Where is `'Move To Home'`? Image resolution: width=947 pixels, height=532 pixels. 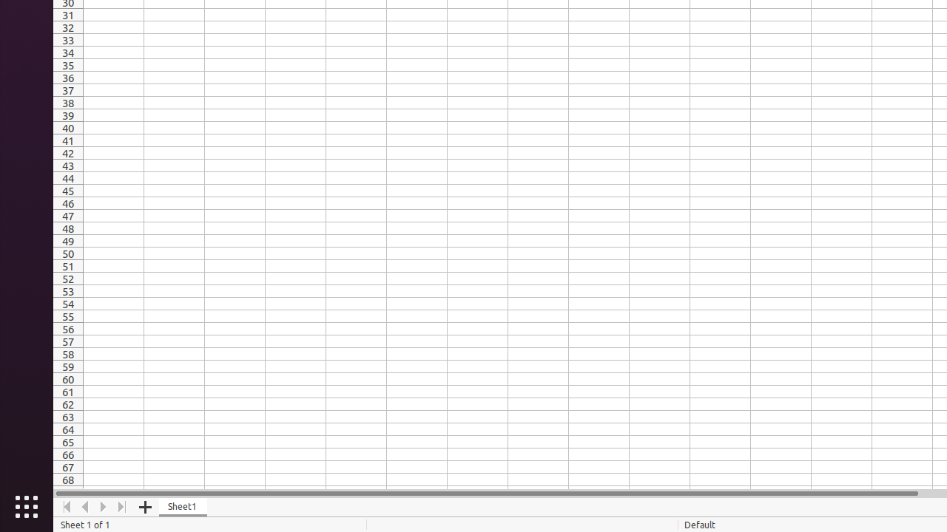 'Move To Home' is located at coordinates (66, 506).